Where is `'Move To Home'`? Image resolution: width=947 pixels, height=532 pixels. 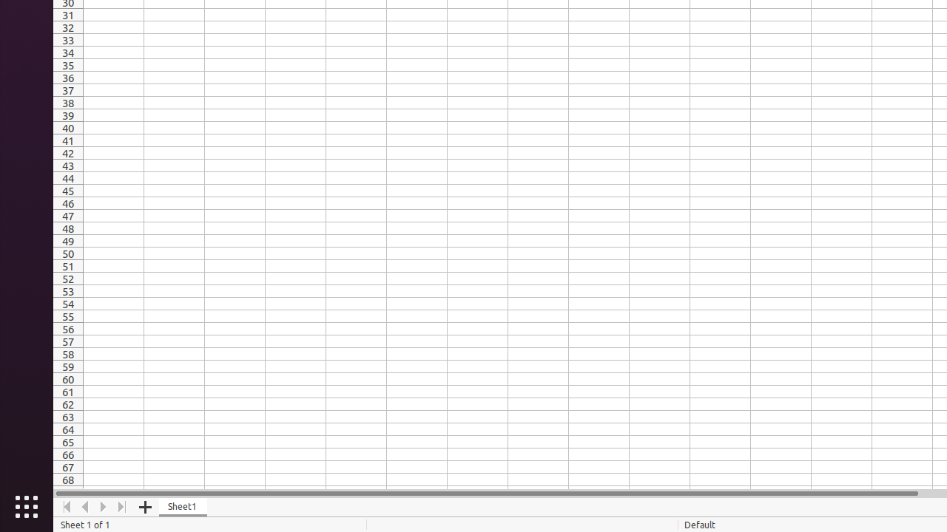 'Move To Home' is located at coordinates (66, 506).